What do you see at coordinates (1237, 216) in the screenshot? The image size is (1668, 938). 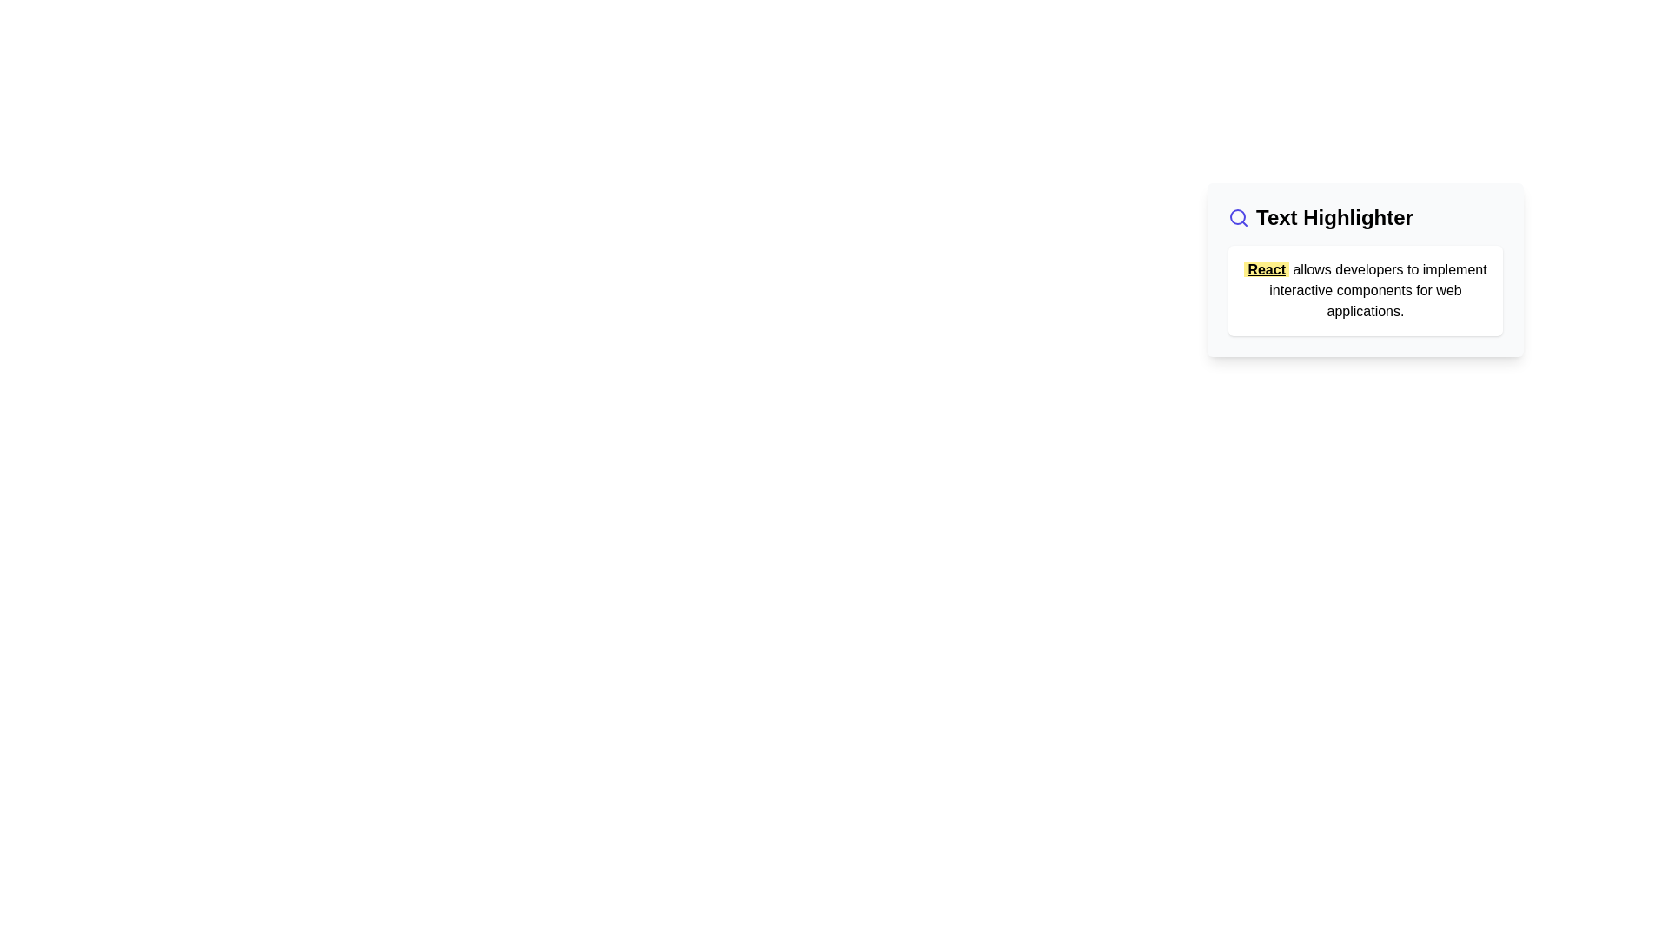 I see `the search icon located at the leftmost part of the grouping that includes the text 'Text Highlighter'` at bounding box center [1237, 216].